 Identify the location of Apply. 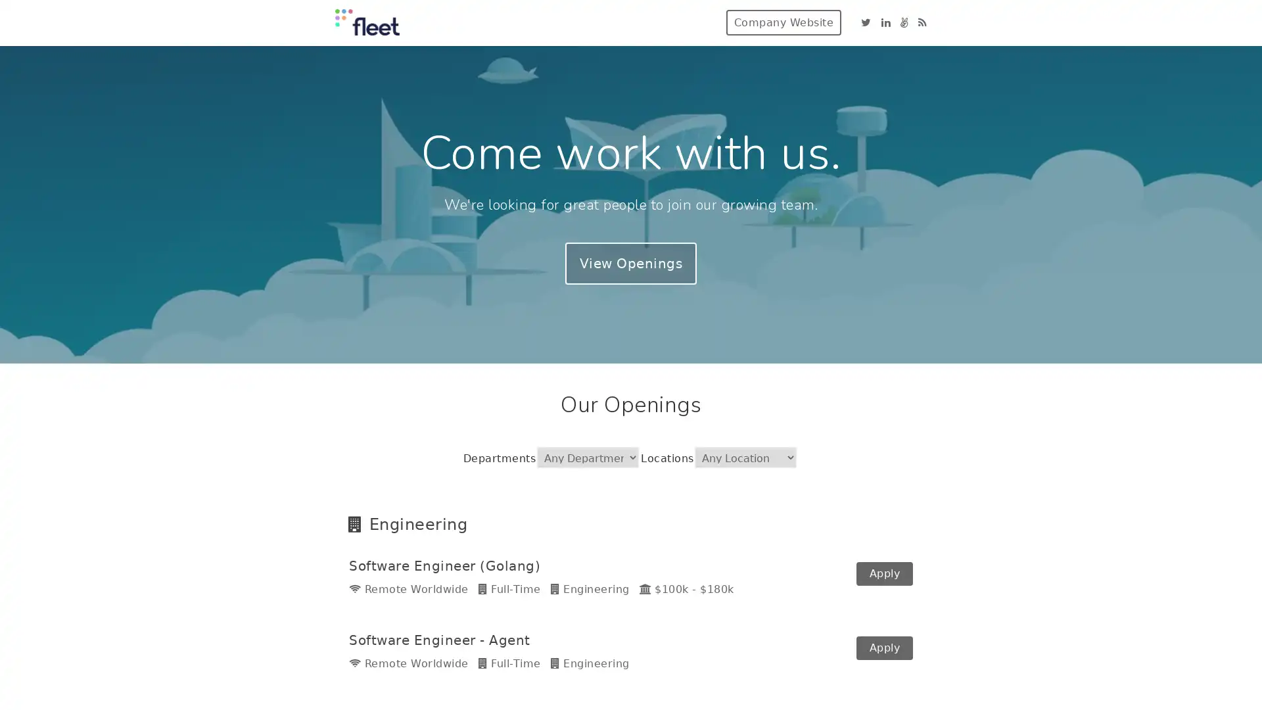
(884, 585).